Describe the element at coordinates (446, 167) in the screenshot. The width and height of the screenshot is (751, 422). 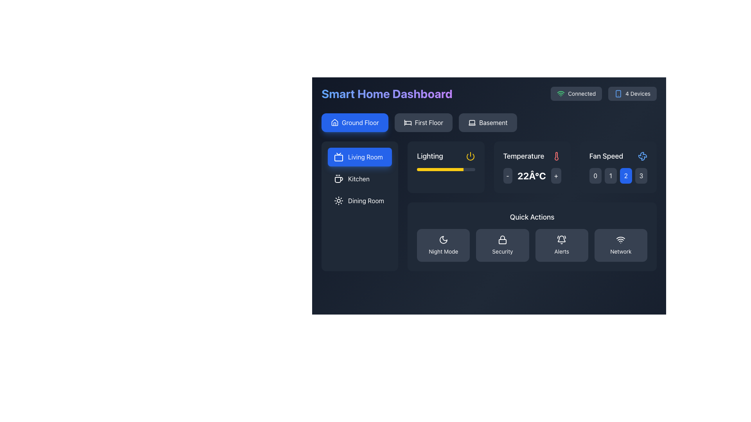
I see `the Status card with a progress bar and power control located under the 'Living Room' heading, which is the first card in a grid layout` at that location.